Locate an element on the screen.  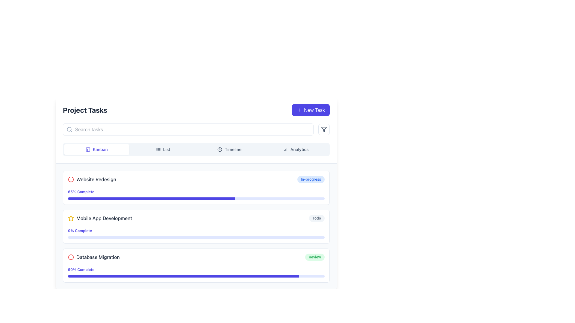
the warning icon located at the far-left end of the 'Website Redesign' task in the vertical task list is located at coordinates (71, 179).